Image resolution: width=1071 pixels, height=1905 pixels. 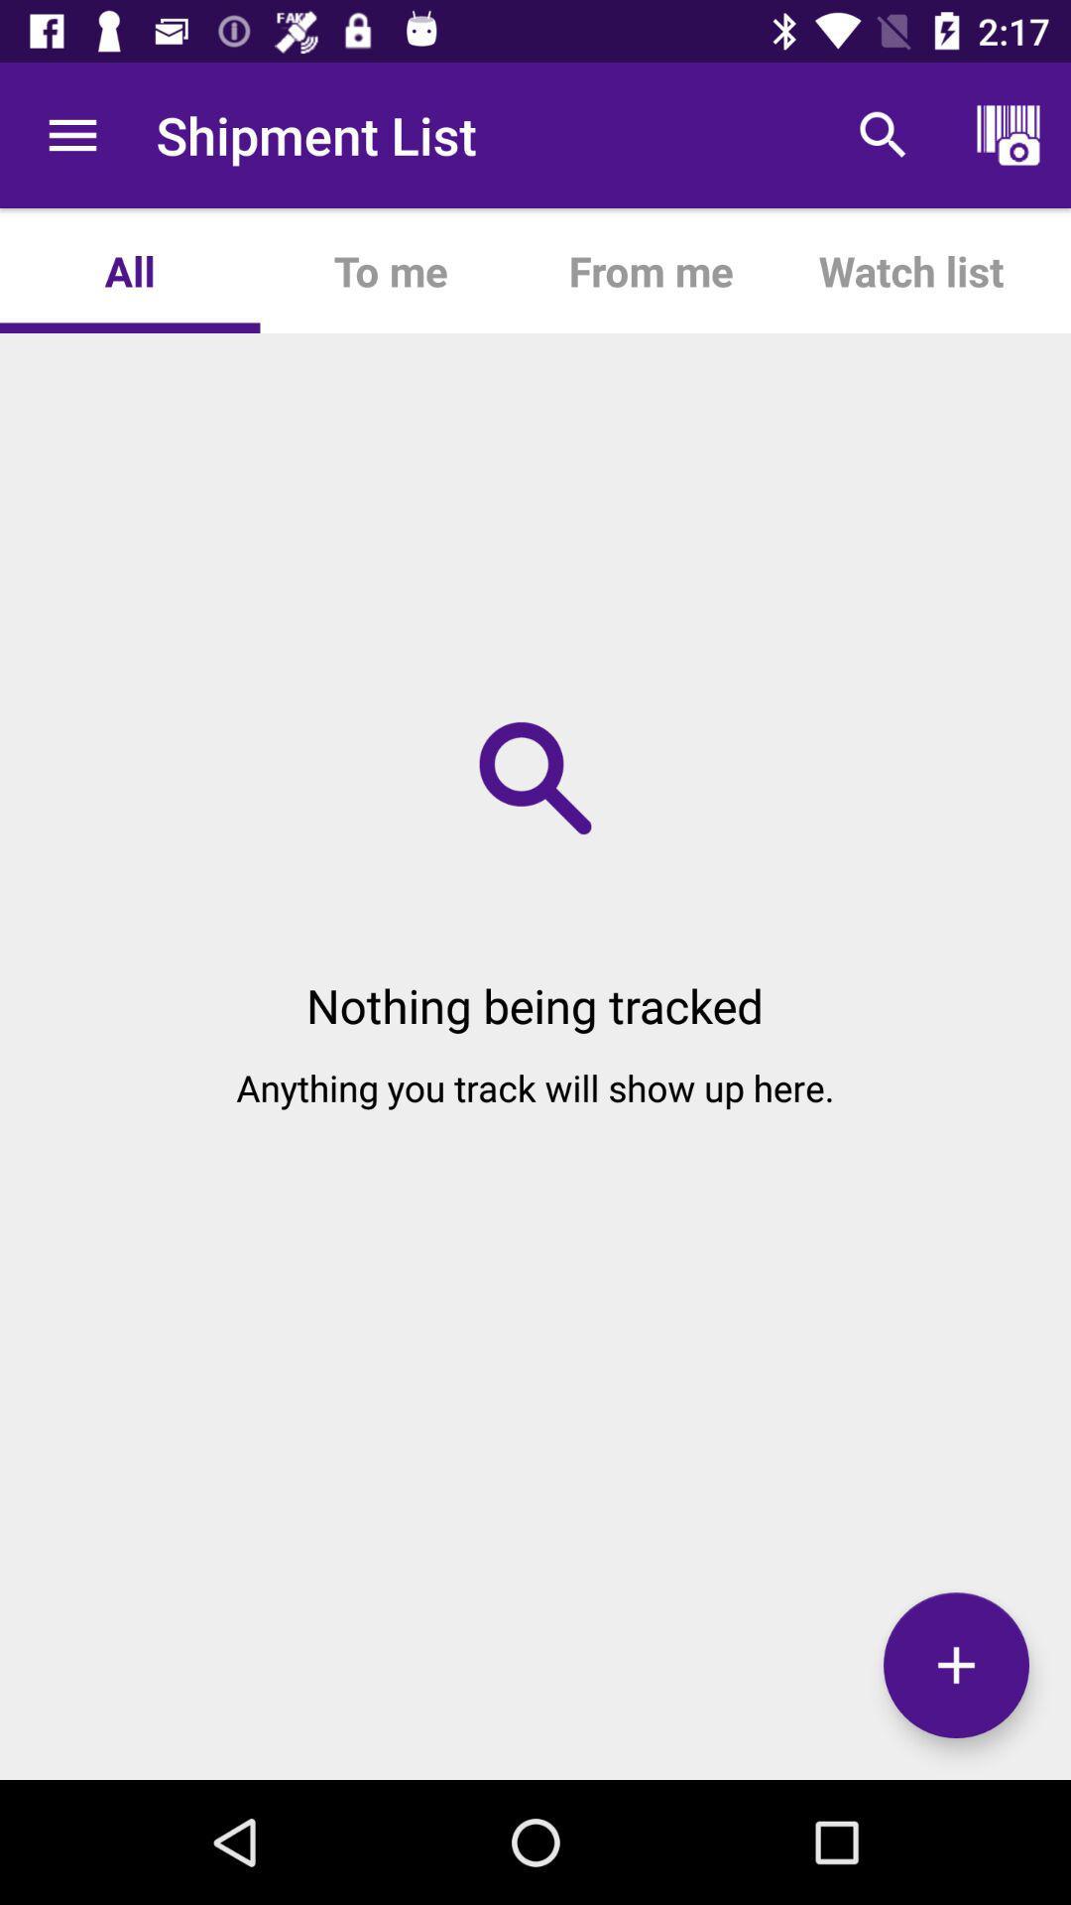 What do you see at coordinates (71, 134) in the screenshot?
I see `app to the left of shipment list icon` at bounding box center [71, 134].